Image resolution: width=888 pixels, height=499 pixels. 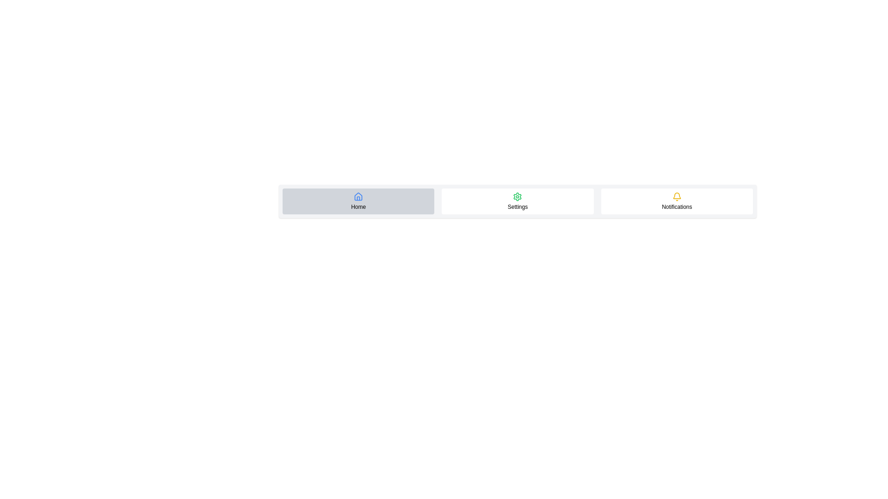 I want to click on the 'Notifications' text label, so click(x=677, y=206).